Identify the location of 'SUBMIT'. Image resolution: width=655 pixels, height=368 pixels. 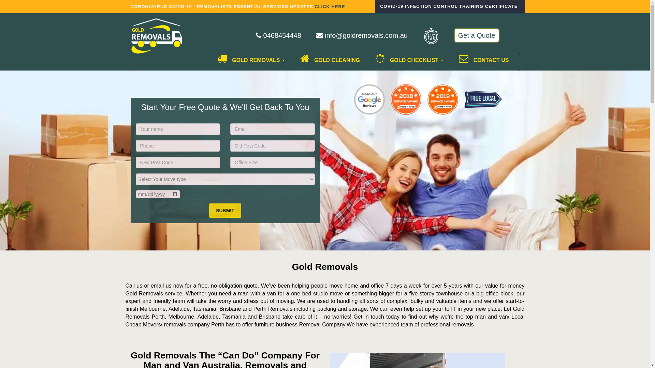
(209, 210).